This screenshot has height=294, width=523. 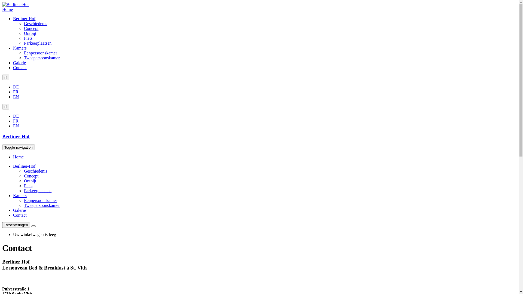 I want to click on 'Ontbijt', so click(x=30, y=181).